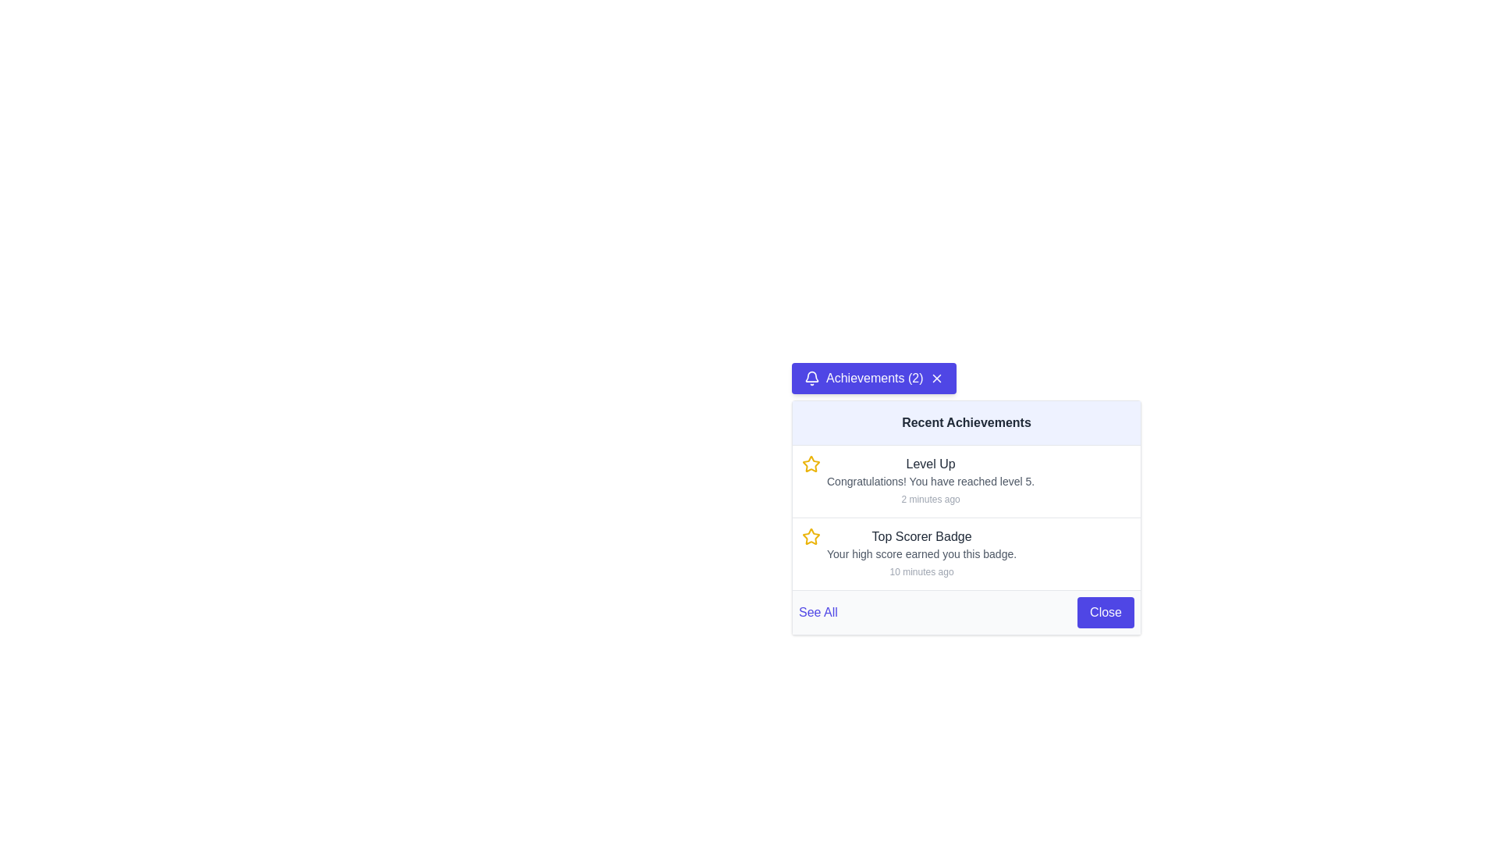 The height and width of the screenshot is (843, 1498). What do you see at coordinates (811, 463) in the screenshot?
I see `the achievement icon located in the 'Recent Achievements' section, next to the 'Level Up' text, which visually represents the user's milestone` at bounding box center [811, 463].